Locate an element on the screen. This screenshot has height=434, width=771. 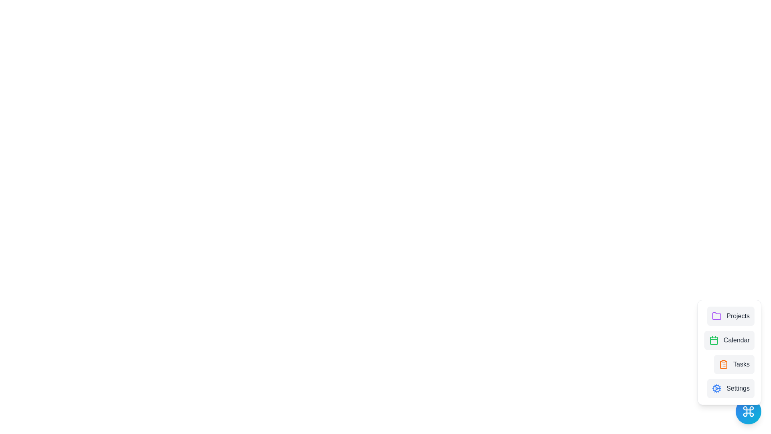
the Projects option in the menu is located at coordinates (730, 315).